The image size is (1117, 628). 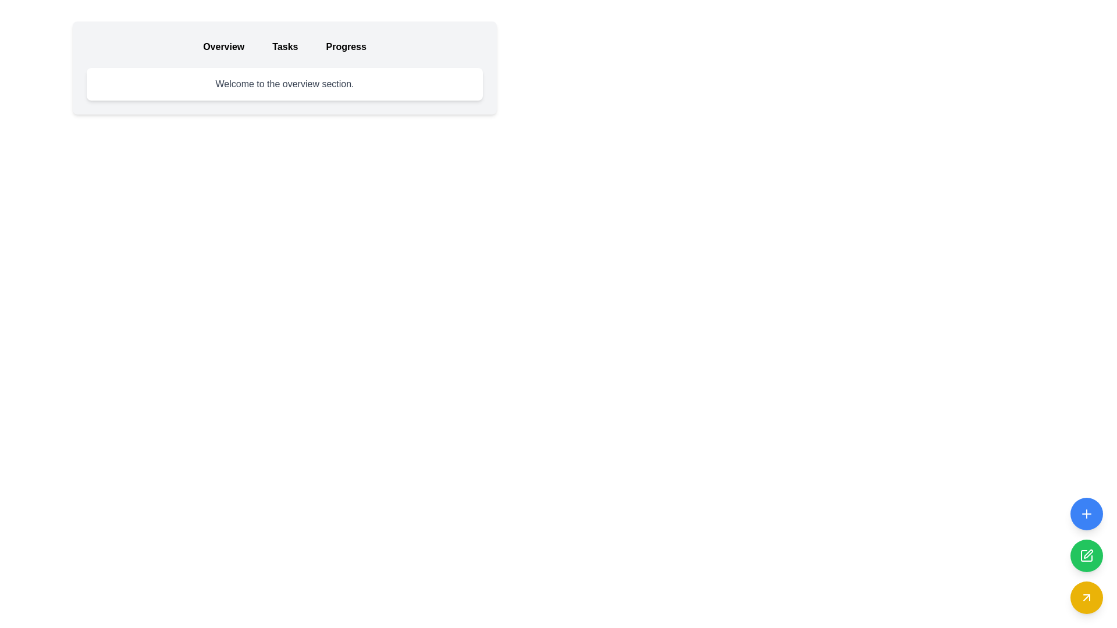 I want to click on the 'Progress' button, which is a rounded button with bold text and highlighted background, positioned as the third button in a horizontal group, so click(x=346, y=47).